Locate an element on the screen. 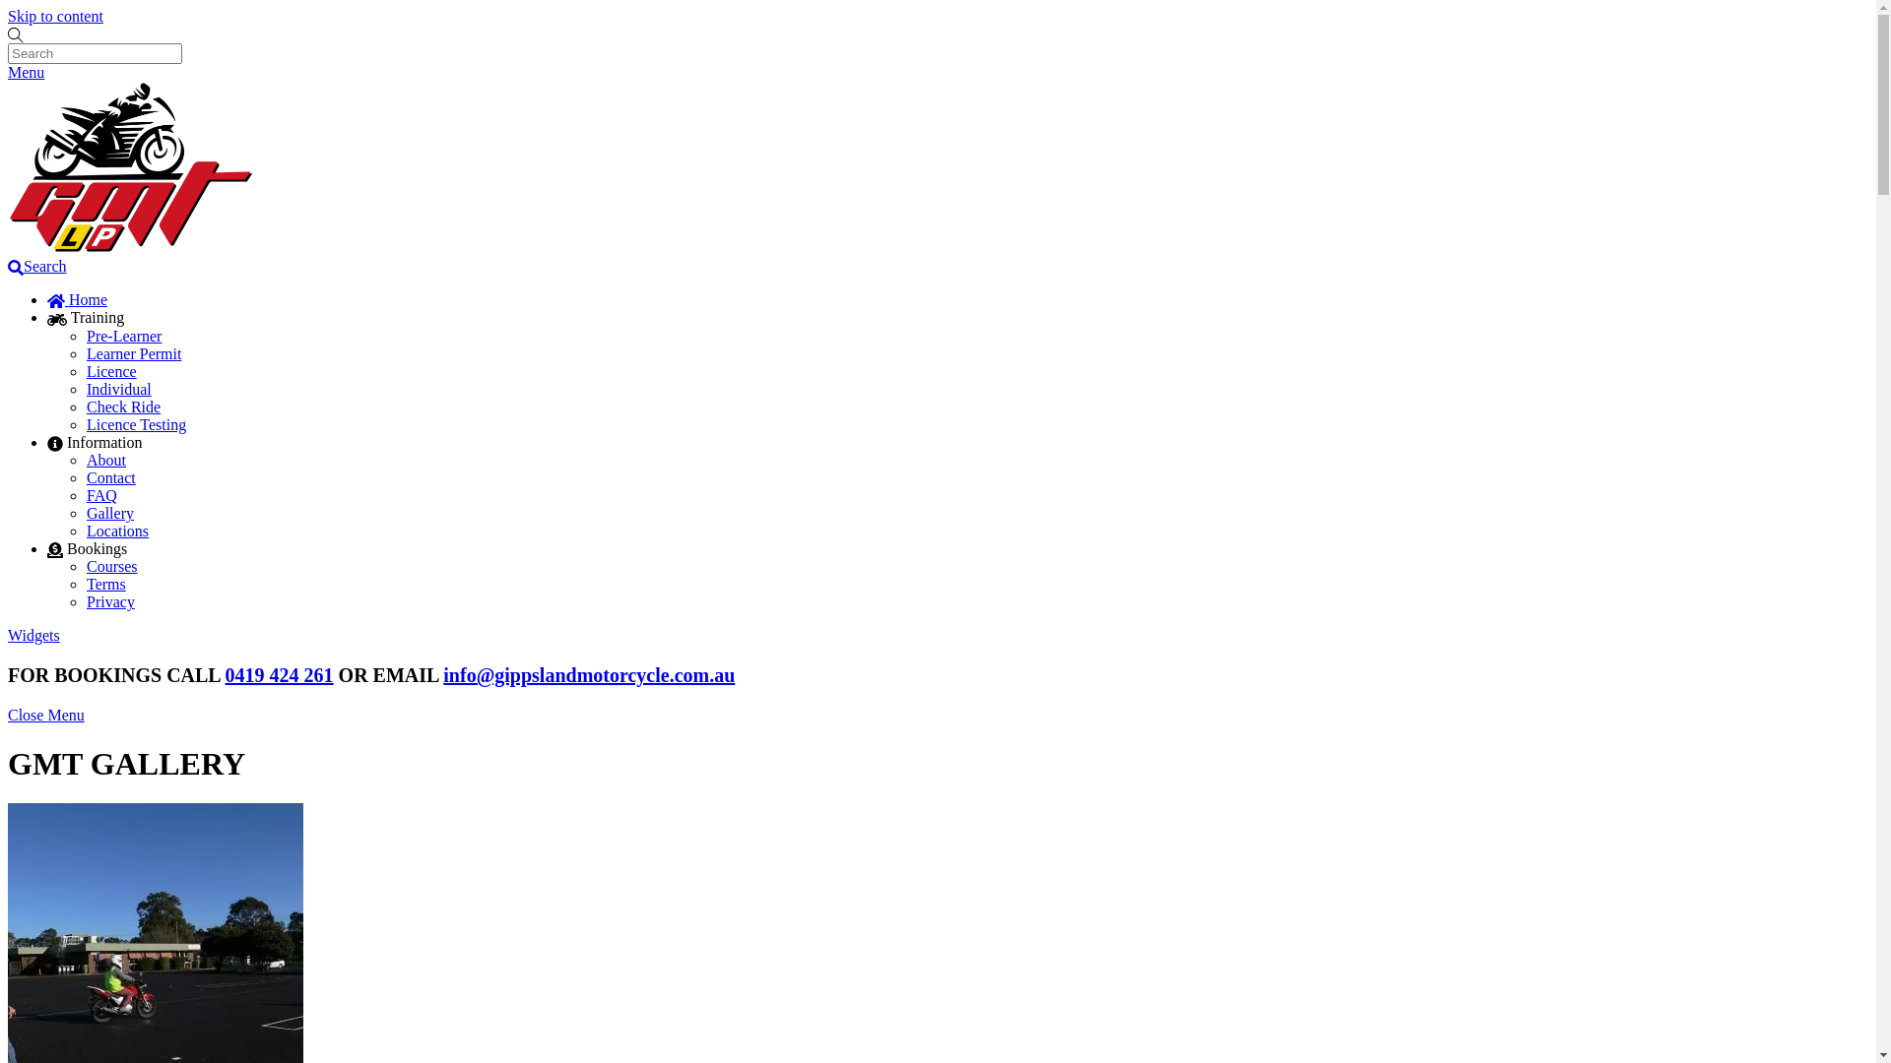 The height and width of the screenshot is (1063, 1891). 'Widgets' is located at coordinates (8, 635).